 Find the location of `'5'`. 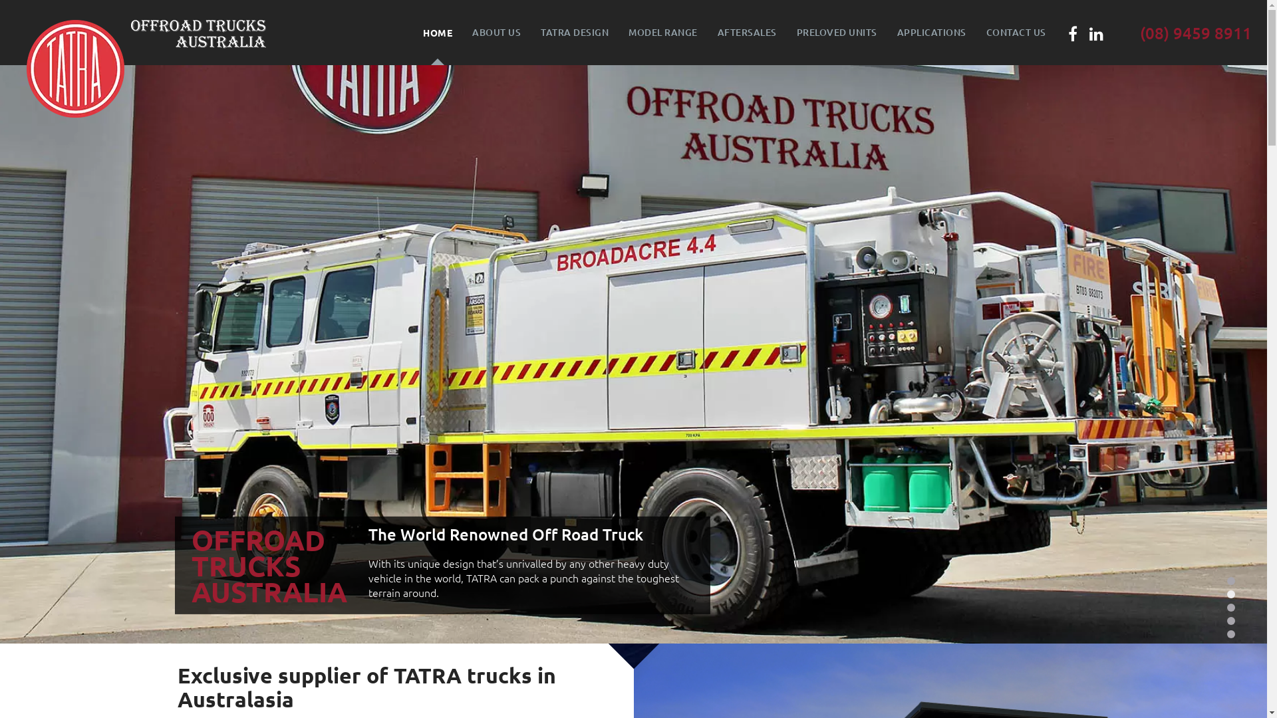

'5' is located at coordinates (1230, 633).